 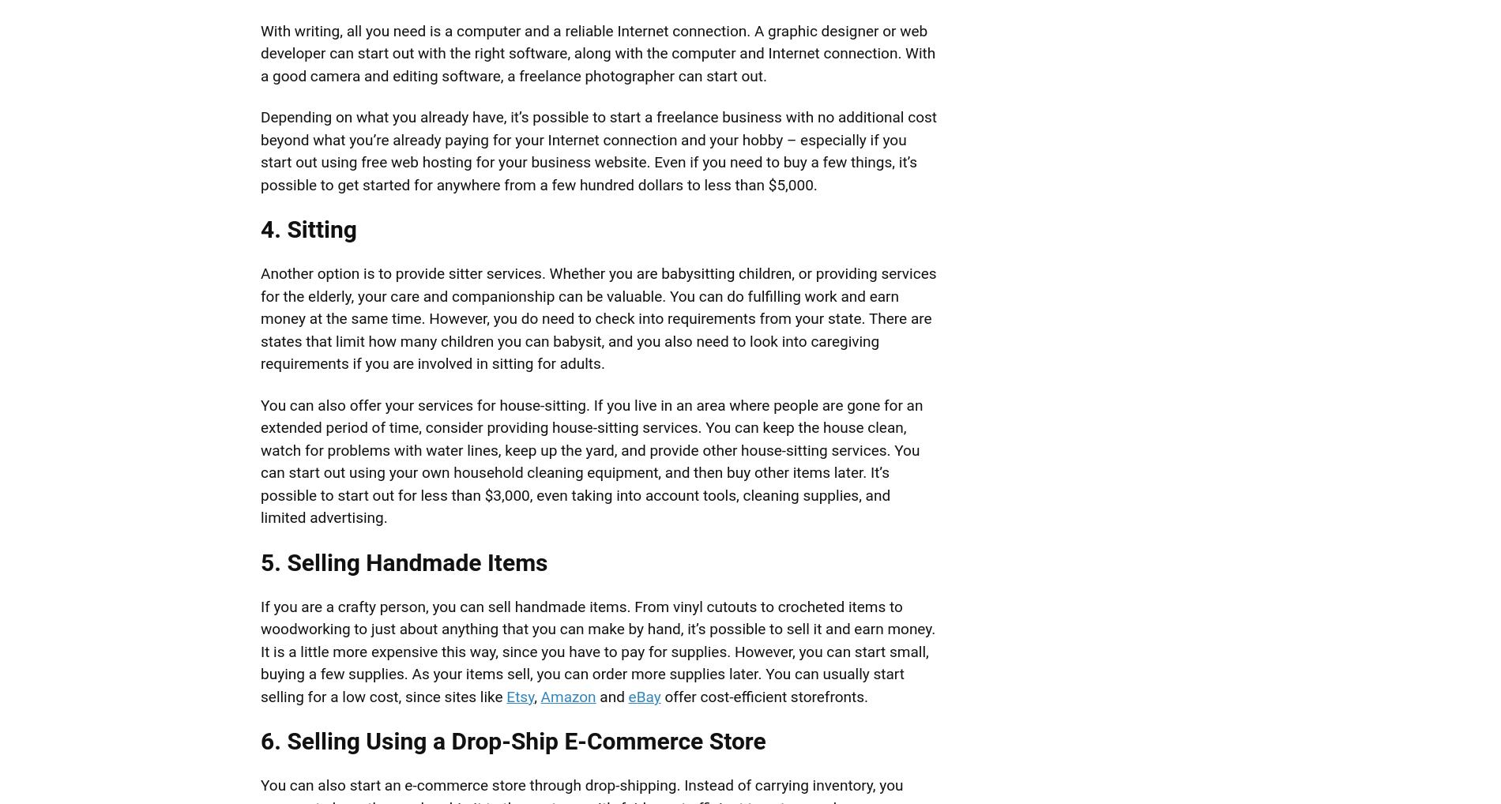 What do you see at coordinates (307, 229) in the screenshot?
I see `'4. Sitting'` at bounding box center [307, 229].